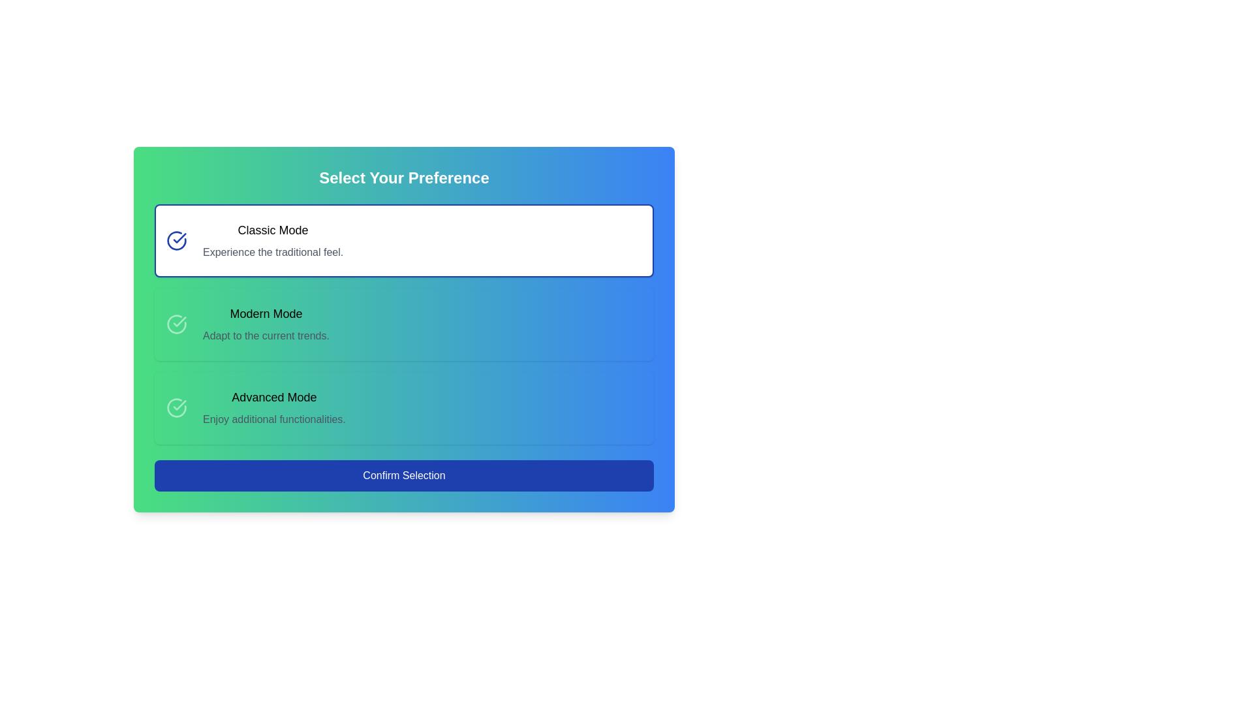  What do you see at coordinates (273, 397) in the screenshot?
I see `the 'Advanced Mode' text label which introduces a subsection and is located below the 'Modern Mode' section and above the 'Confirm Selection' button` at bounding box center [273, 397].